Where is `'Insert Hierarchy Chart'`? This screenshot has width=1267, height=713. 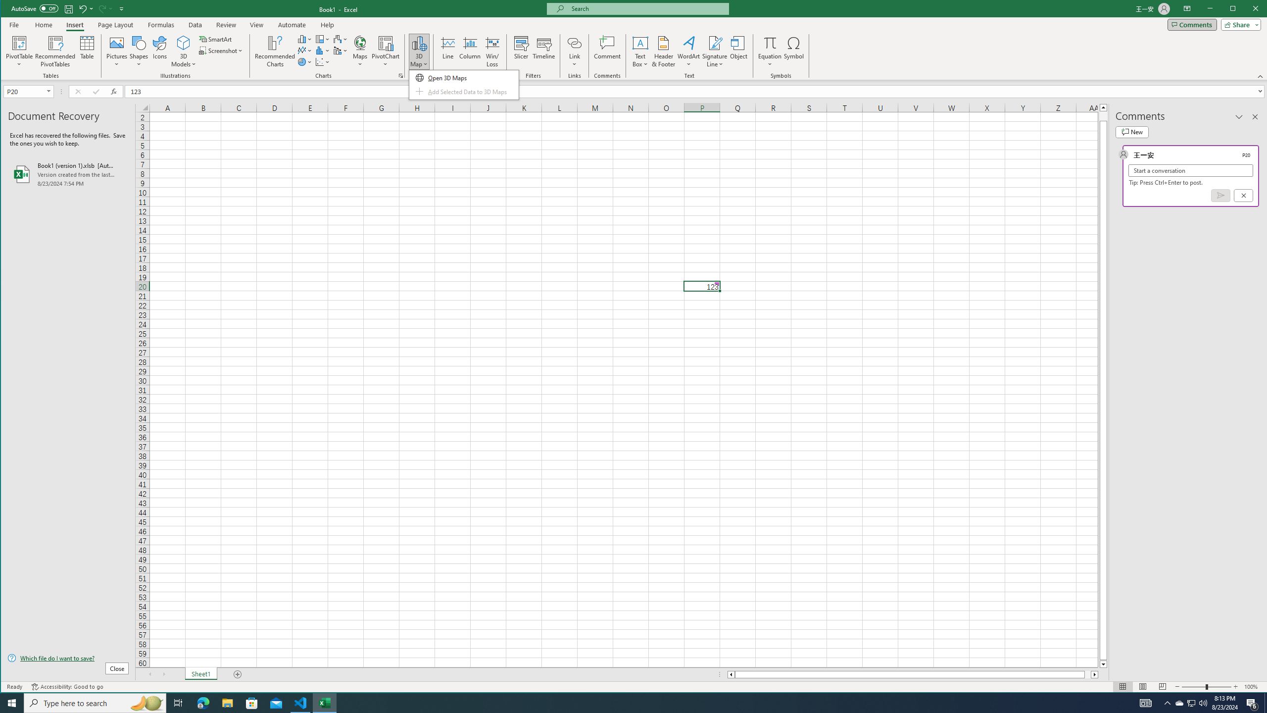 'Insert Hierarchy Chart' is located at coordinates (323, 39).